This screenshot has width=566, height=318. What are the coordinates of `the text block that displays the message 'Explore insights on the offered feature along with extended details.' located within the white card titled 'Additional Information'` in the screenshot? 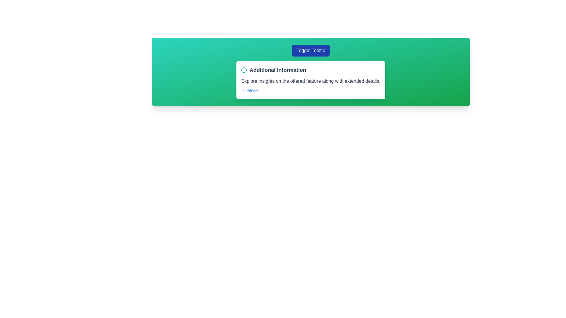 It's located at (310, 81).